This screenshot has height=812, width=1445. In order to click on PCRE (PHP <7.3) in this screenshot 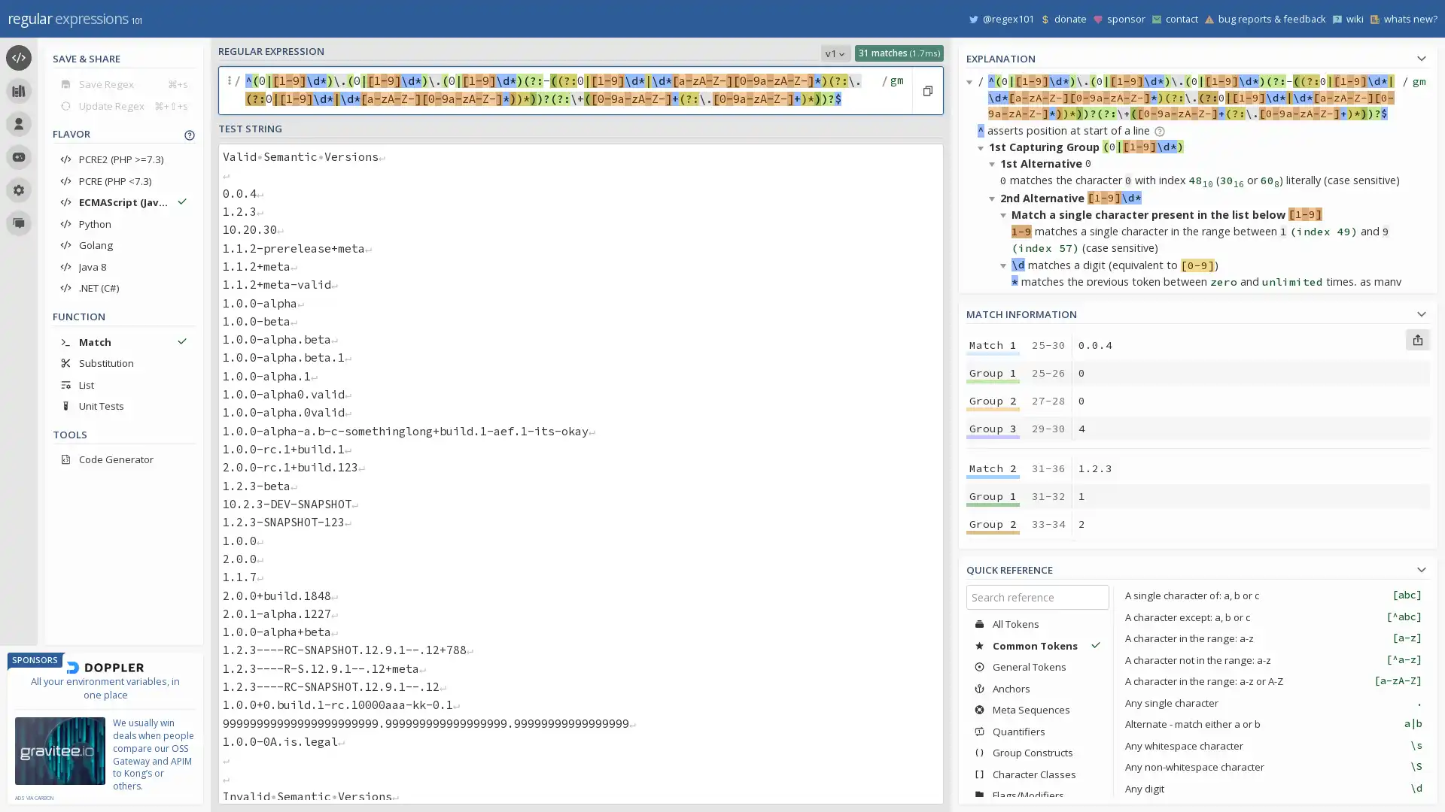, I will do `click(123, 180)`.